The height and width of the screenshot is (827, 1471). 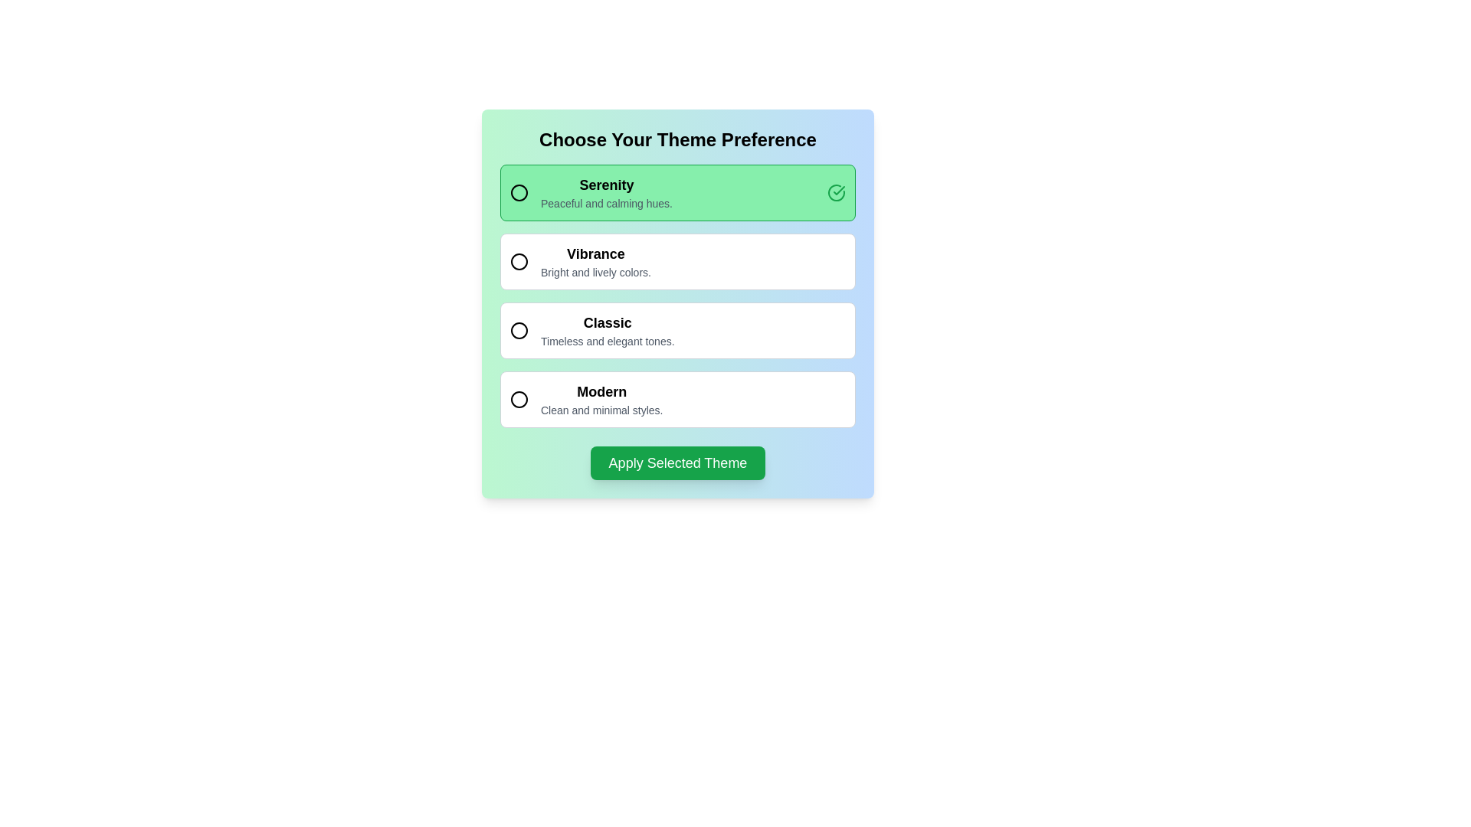 What do you see at coordinates (677, 463) in the screenshot?
I see `the apply button located at the center-bottom of the theme selection card to apply the selected theme` at bounding box center [677, 463].